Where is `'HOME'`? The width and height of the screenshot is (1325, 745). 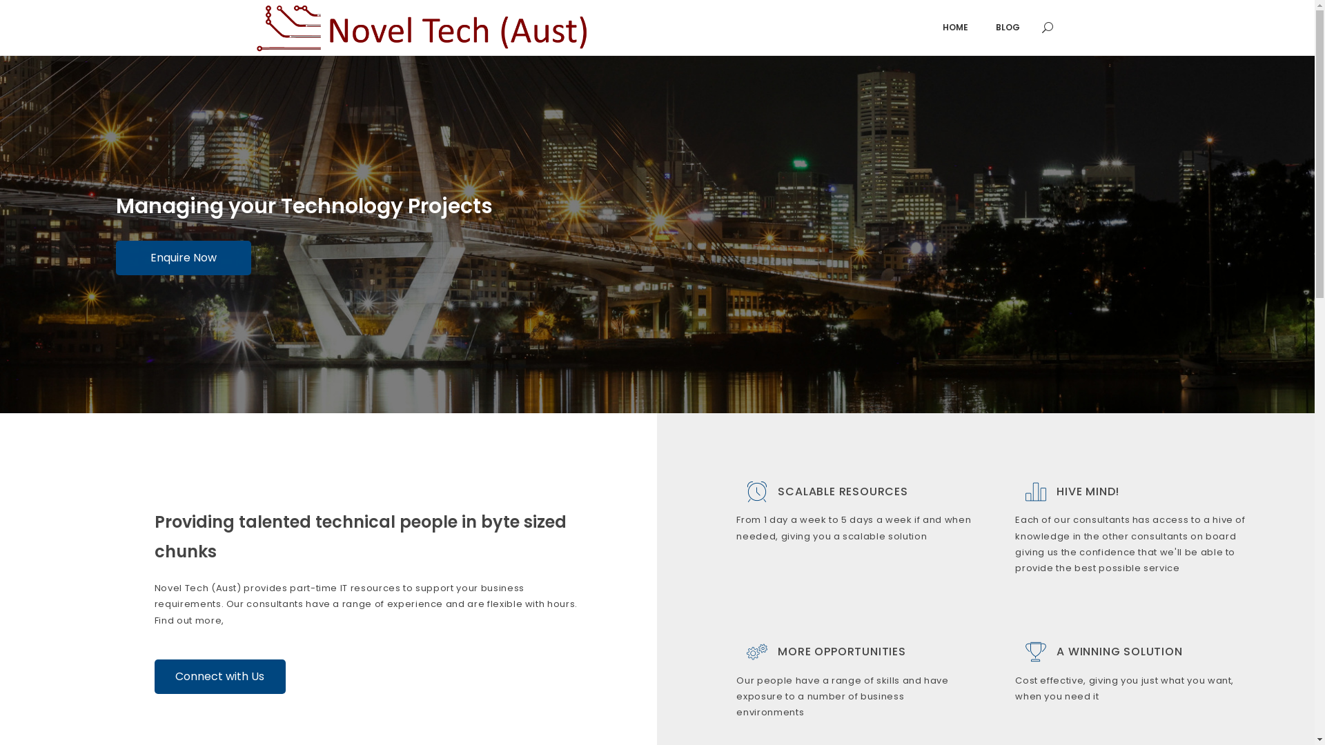 'HOME' is located at coordinates (954, 27).